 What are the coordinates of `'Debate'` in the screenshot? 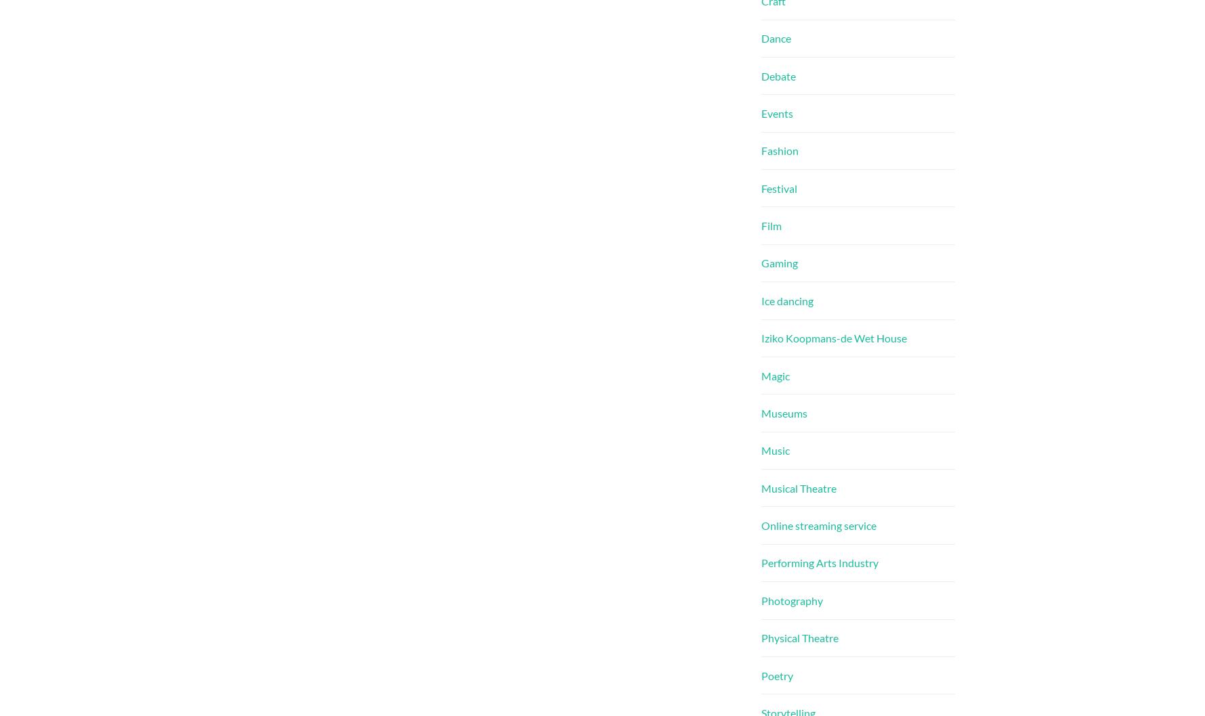 It's located at (778, 74).